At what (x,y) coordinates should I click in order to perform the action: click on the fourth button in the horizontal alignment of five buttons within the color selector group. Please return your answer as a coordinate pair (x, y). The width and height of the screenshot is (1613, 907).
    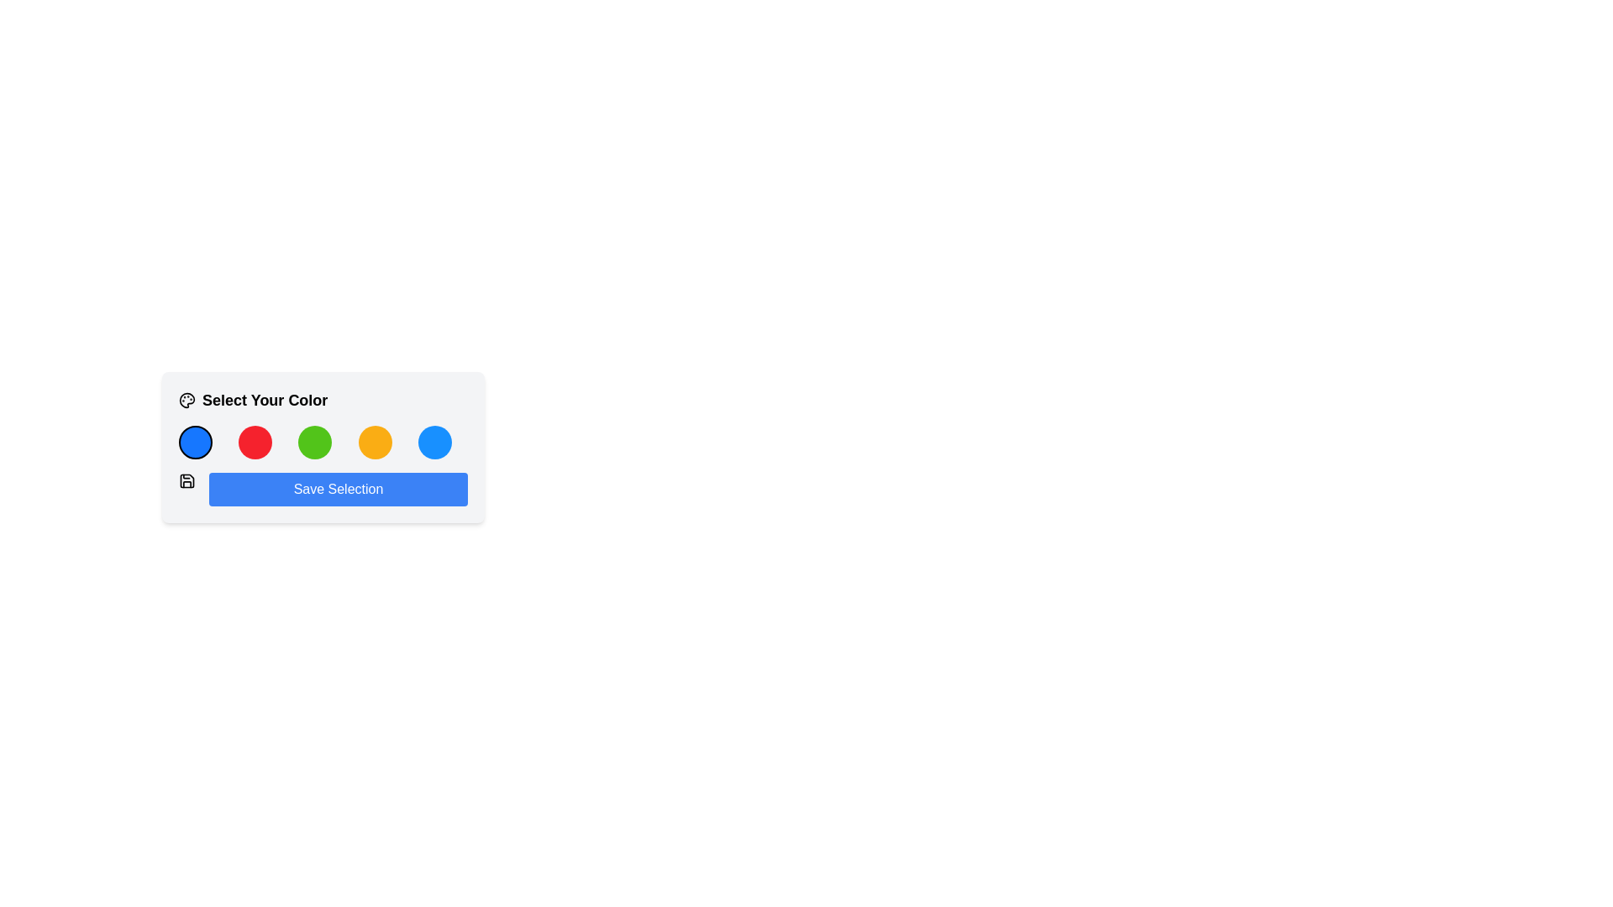
    Looking at the image, I should click on (374, 442).